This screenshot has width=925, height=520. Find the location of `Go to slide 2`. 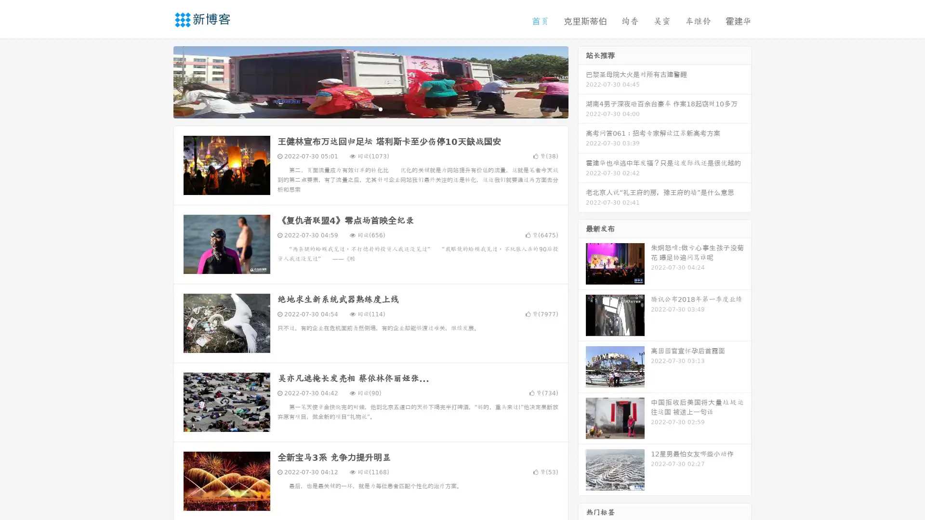

Go to slide 2 is located at coordinates (370, 108).